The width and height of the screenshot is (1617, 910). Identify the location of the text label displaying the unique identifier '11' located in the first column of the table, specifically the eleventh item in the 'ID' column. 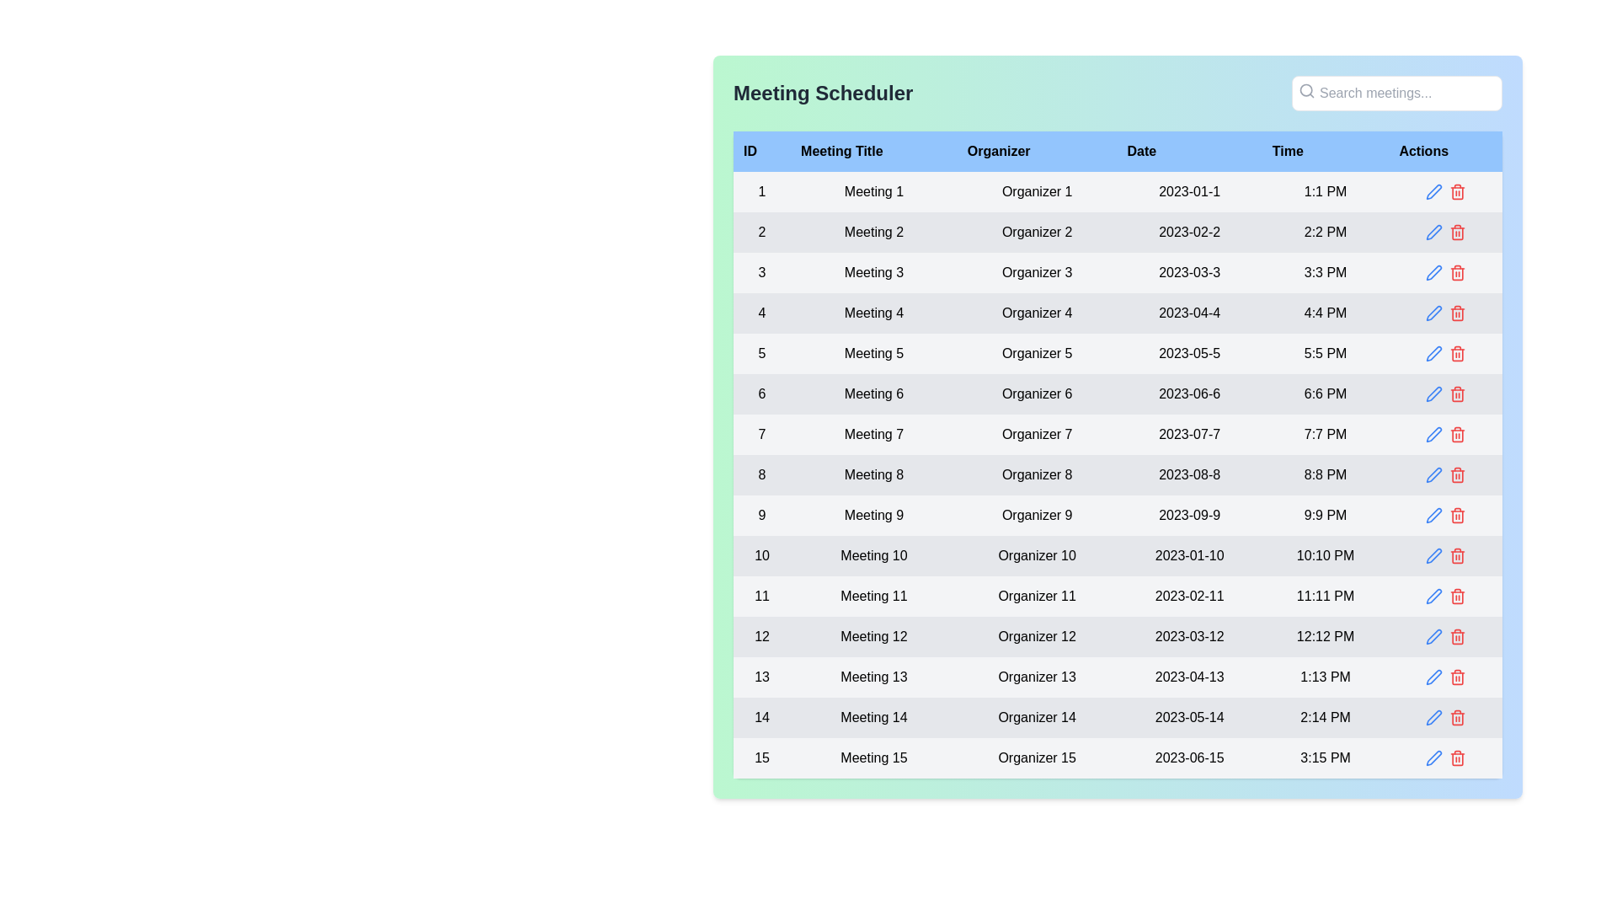
(761, 596).